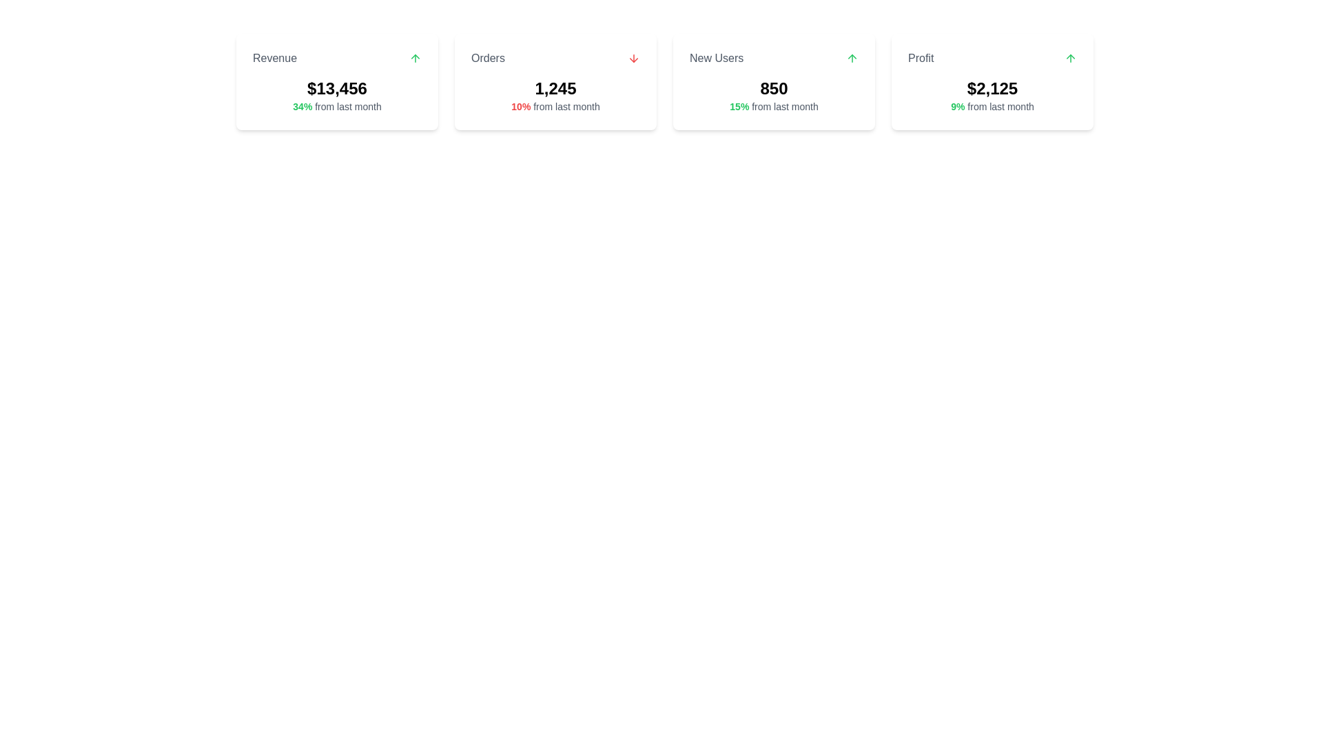  I want to click on the upward trend icon indicating positive revenue data located in the top-right corner of the 'Revenue' card, so click(415, 57).